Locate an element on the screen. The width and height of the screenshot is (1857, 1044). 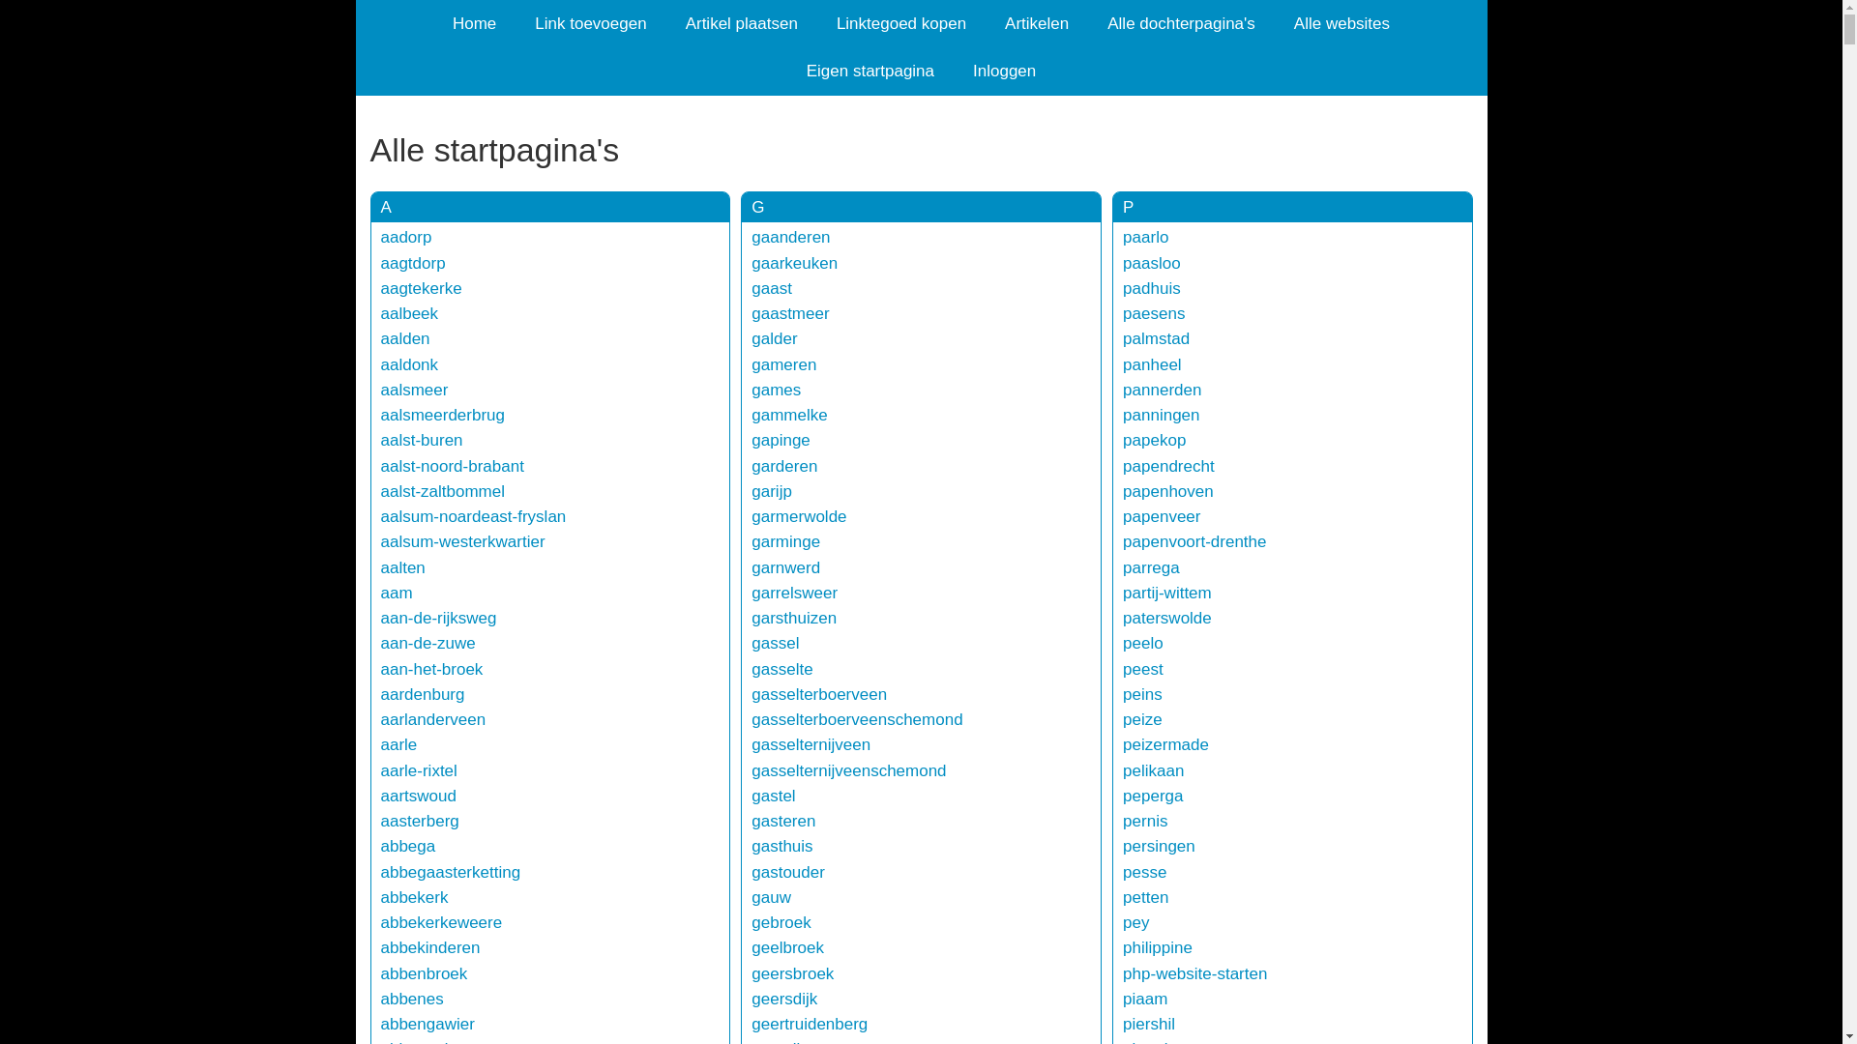
'persingen' is located at coordinates (1159, 845).